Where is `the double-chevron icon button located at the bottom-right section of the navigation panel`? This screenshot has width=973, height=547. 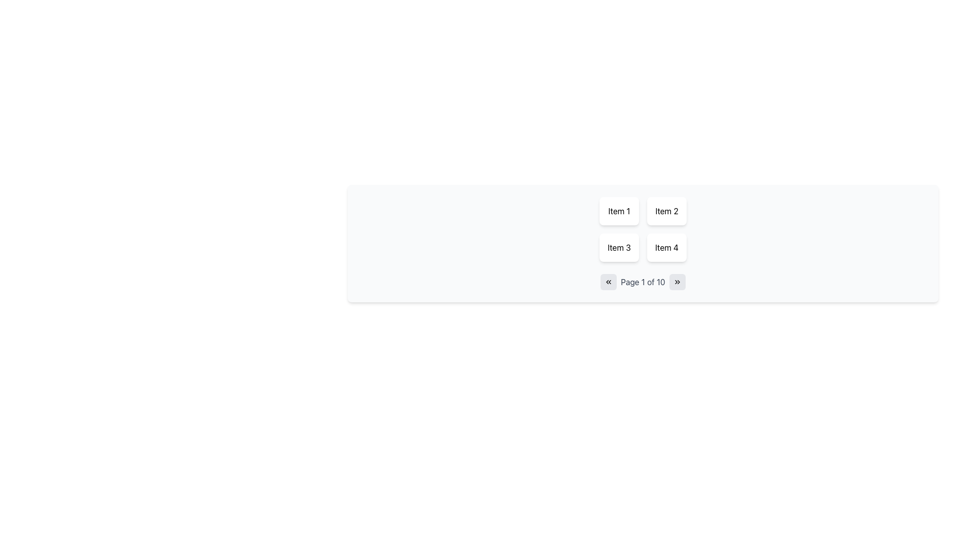 the double-chevron icon button located at the bottom-right section of the navigation panel is located at coordinates (677, 282).